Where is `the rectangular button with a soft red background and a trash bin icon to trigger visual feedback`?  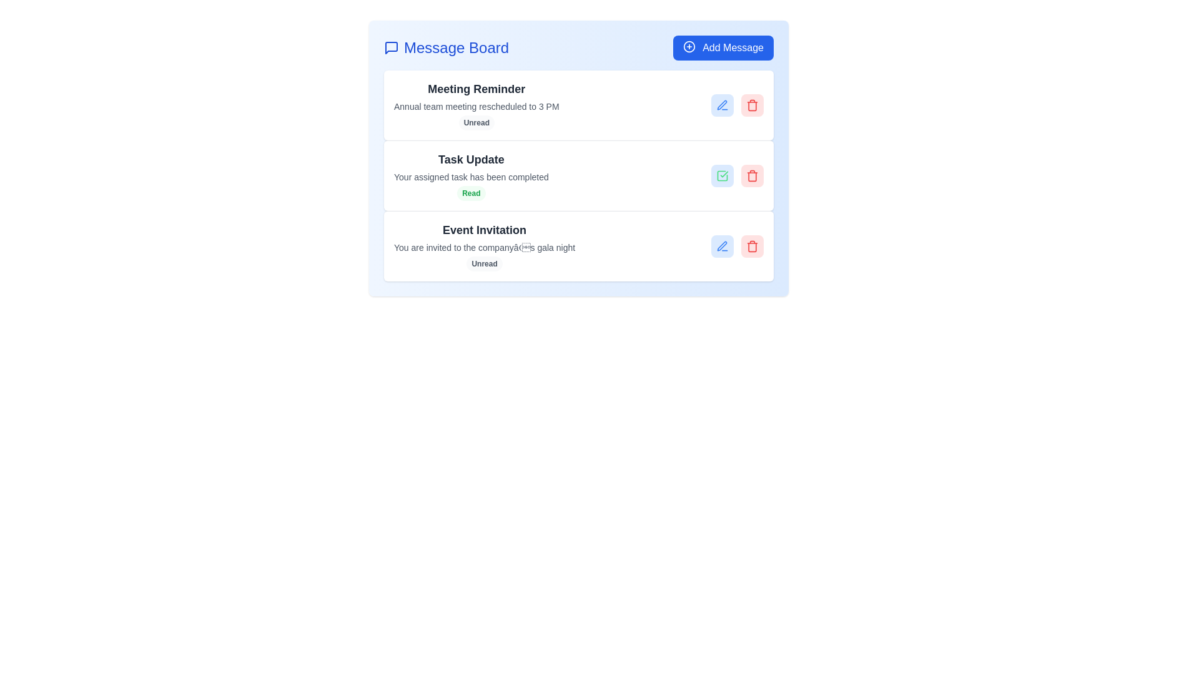
the rectangular button with a soft red background and a trash bin icon to trigger visual feedback is located at coordinates (751, 246).